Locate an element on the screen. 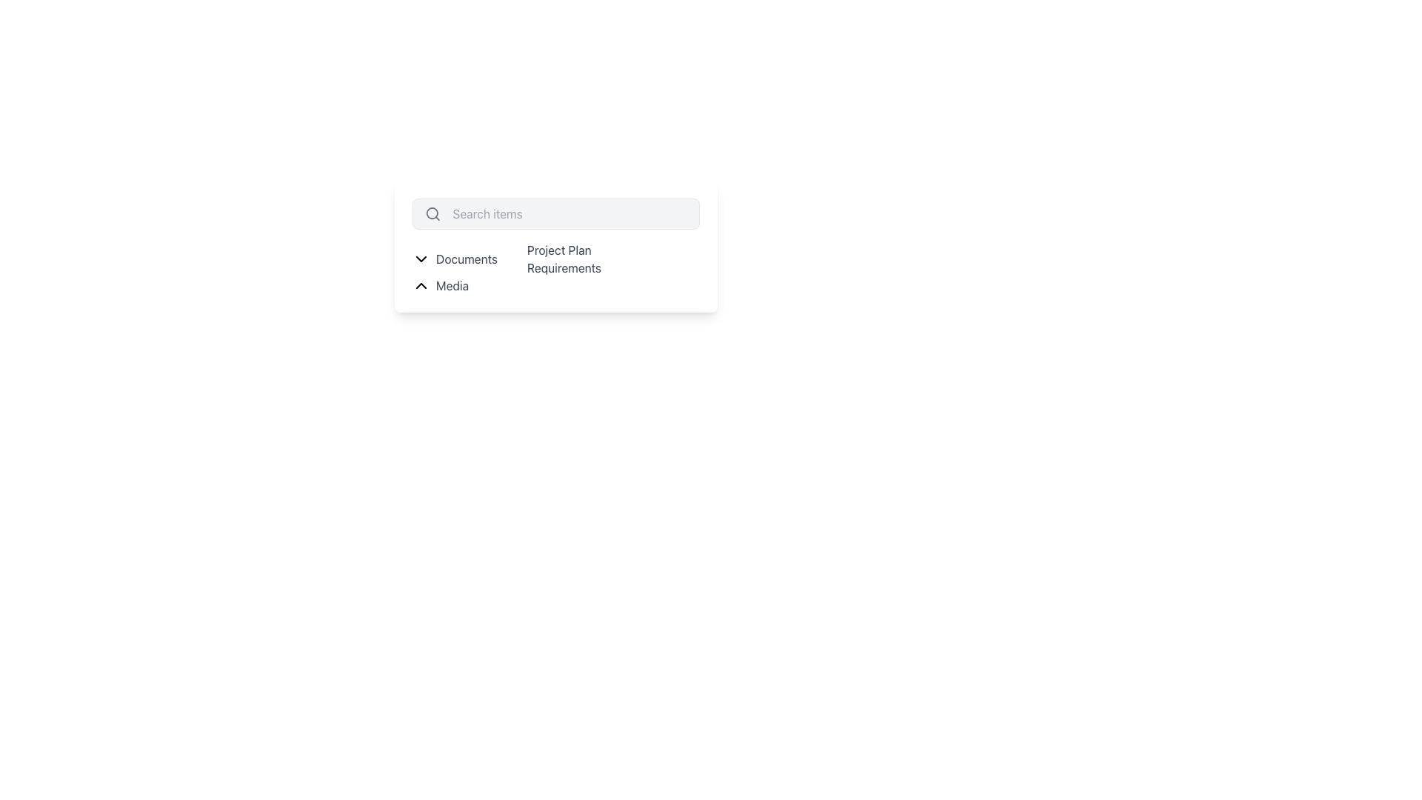 Image resolution: width=1422 pixels, height=800 pixels. the downward-pointing chevron icon next to the 'Documents' label is located at coordinates (421, 259).